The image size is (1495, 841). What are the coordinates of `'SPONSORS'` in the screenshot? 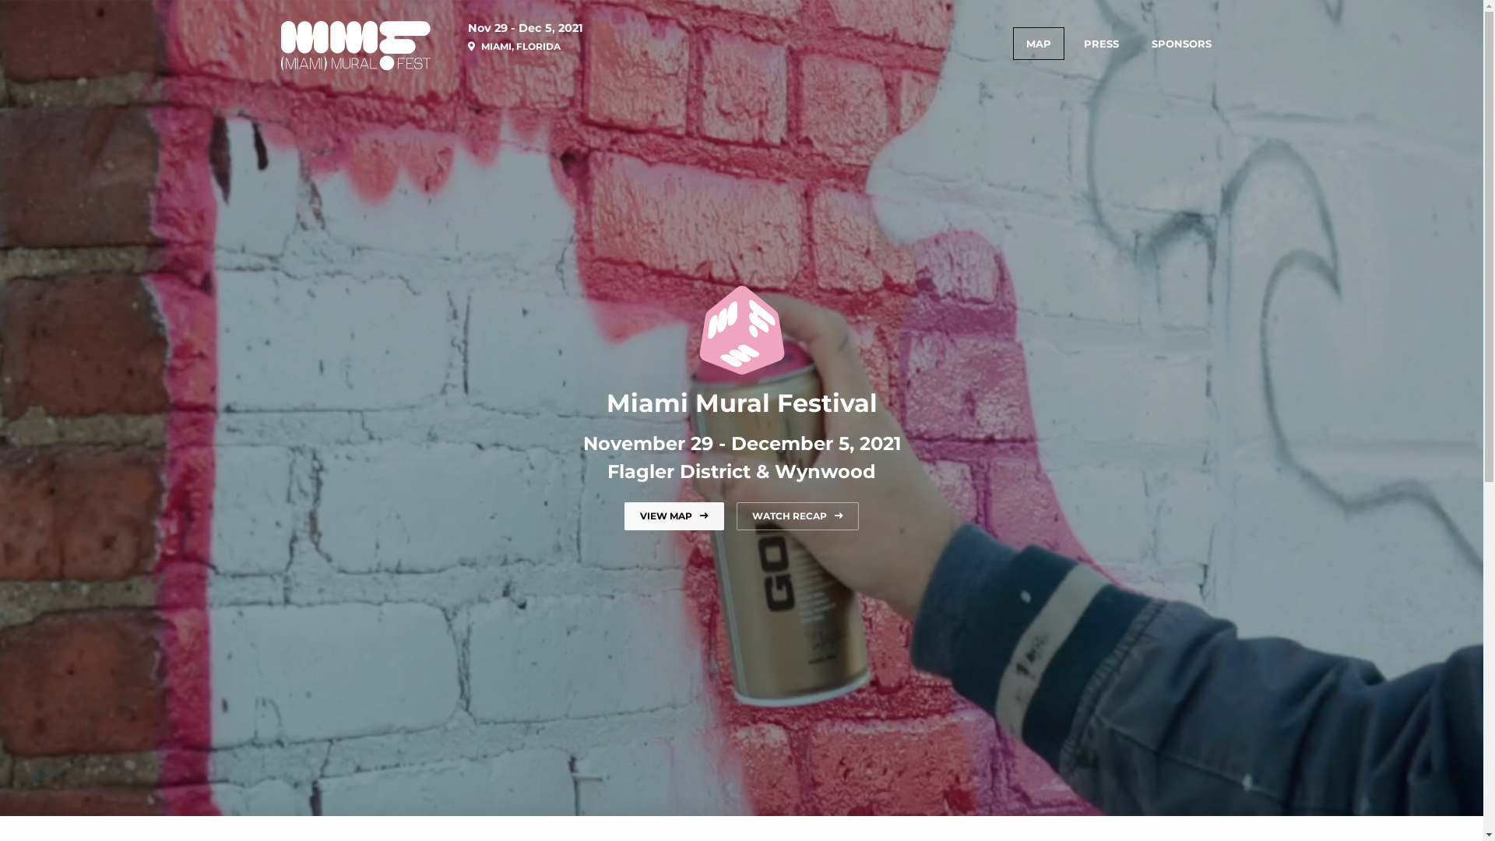 It's located at (1181, 43).